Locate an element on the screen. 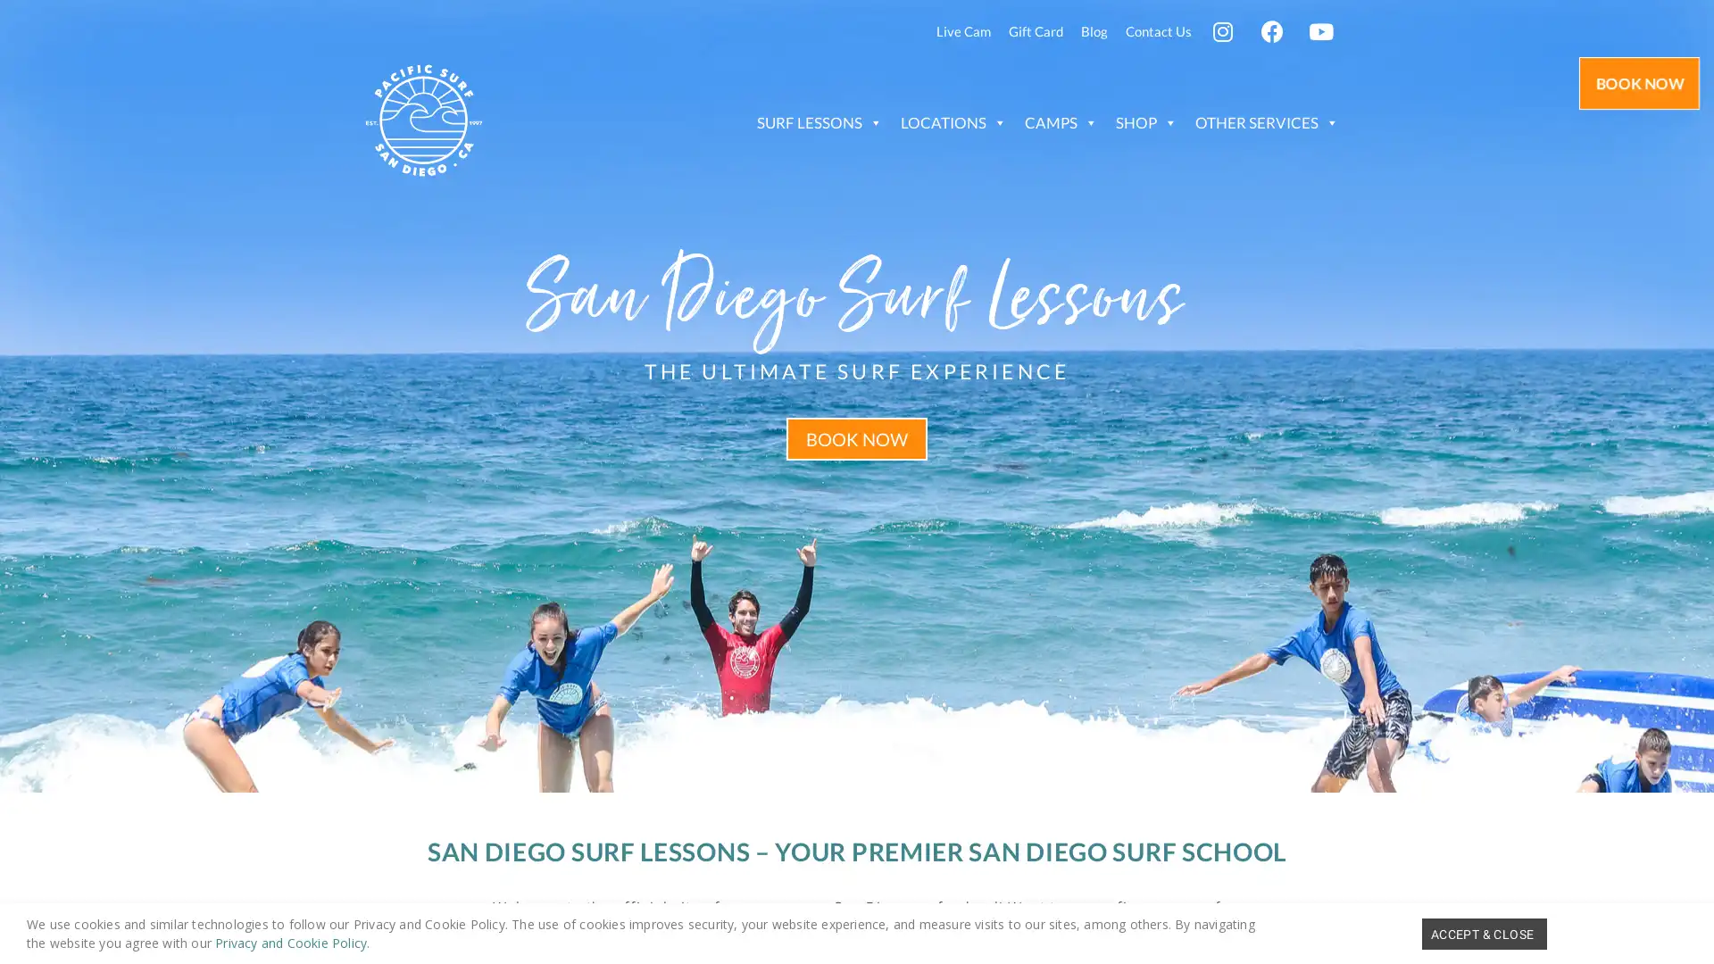 Image resolution: width=1714 pixels, height=964 pixels. ACCEPT & CLOSE is located at coordinates (1484, 932).